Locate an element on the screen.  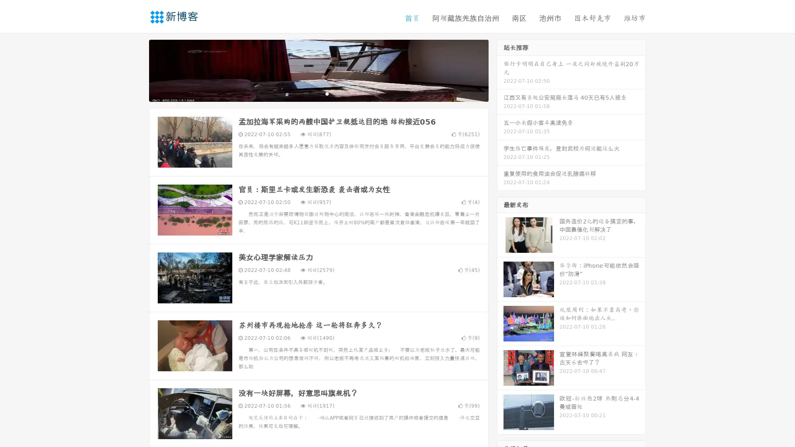
Go to slide 2 is located at coordinates (318, 93).